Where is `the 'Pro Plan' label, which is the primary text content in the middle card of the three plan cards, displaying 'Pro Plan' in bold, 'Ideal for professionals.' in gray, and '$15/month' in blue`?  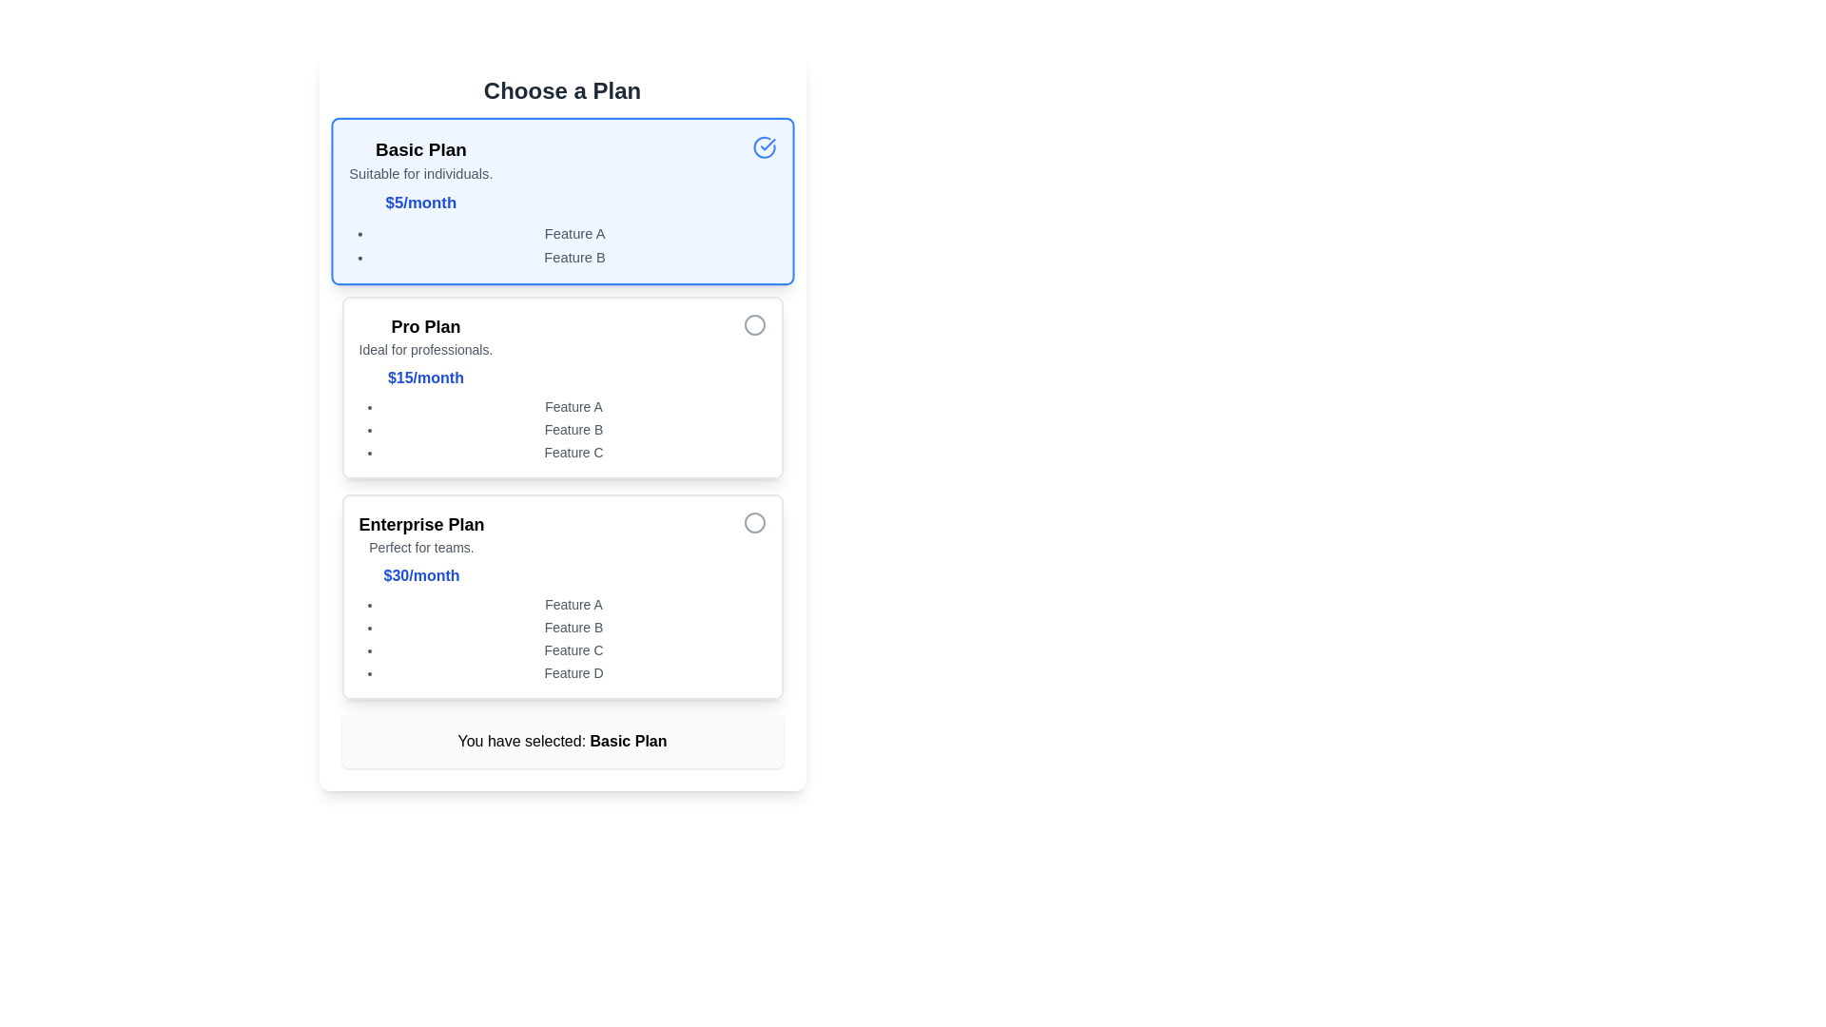
the 'Pro Plan' label, which is the primary text content in the middle card of the three plan cards, displaying 'Pro Plan' in bold, 'Ideal for professionals.' in gray, and '$15/month' in blue is located at coordinates (424, 352).